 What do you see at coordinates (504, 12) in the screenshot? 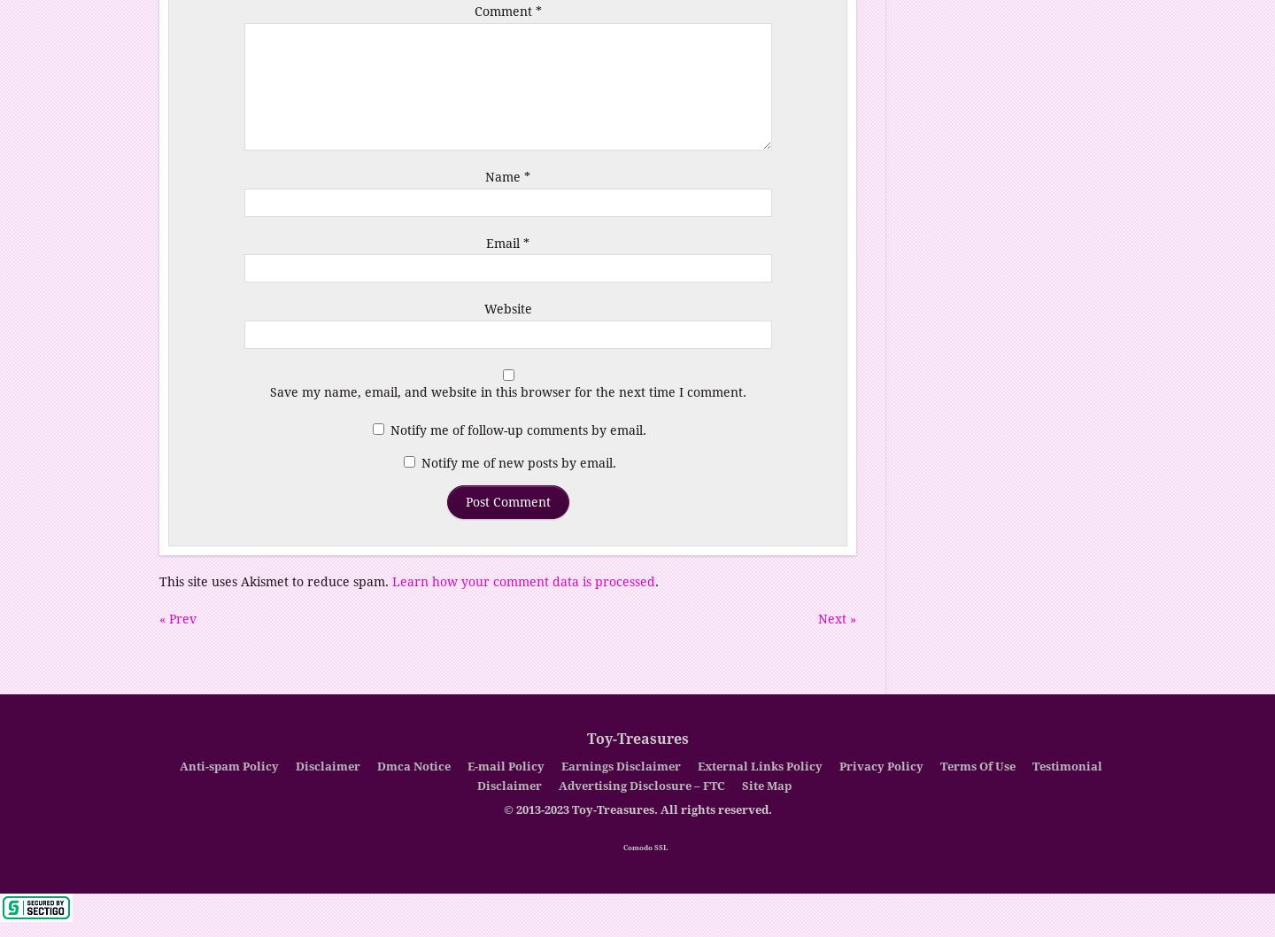
I see `'Comment'` at bounding box center [504, 12].